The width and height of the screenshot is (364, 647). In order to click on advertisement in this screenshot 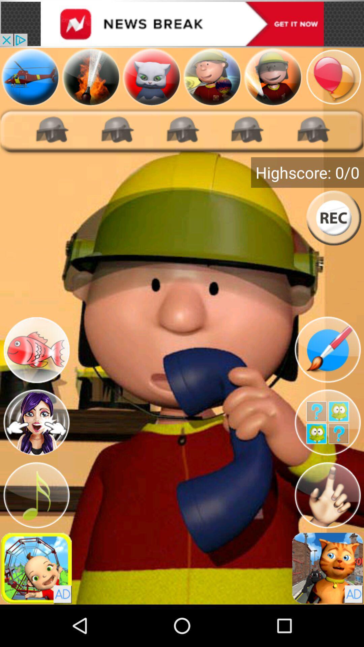, I will do `click(36, 567)`.